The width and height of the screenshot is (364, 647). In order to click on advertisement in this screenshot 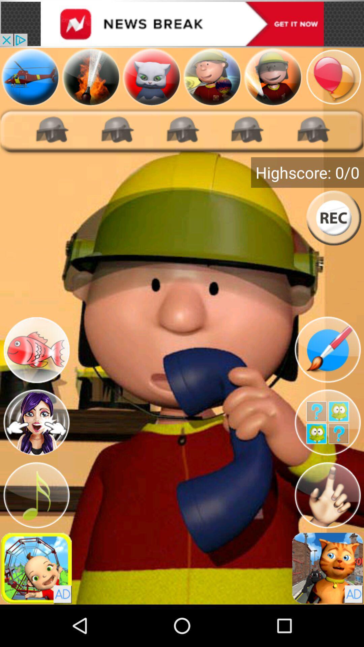, I will do `click(36, 567)`.